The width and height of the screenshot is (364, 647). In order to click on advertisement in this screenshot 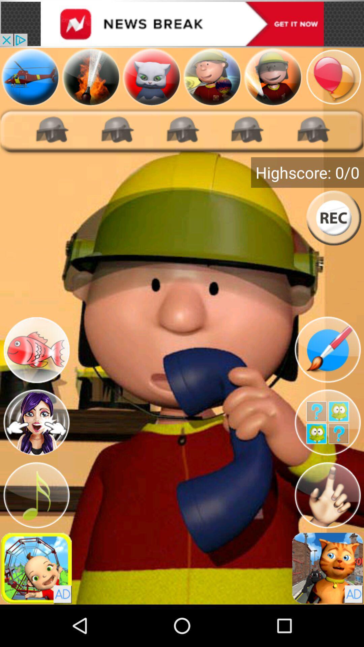, I will do `click(36, 567)`.